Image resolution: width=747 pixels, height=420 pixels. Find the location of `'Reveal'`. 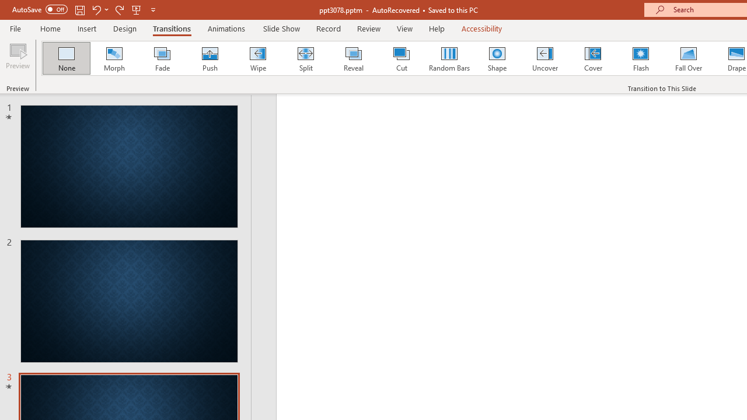

'Reveal' is located at coordinates (352, 58).